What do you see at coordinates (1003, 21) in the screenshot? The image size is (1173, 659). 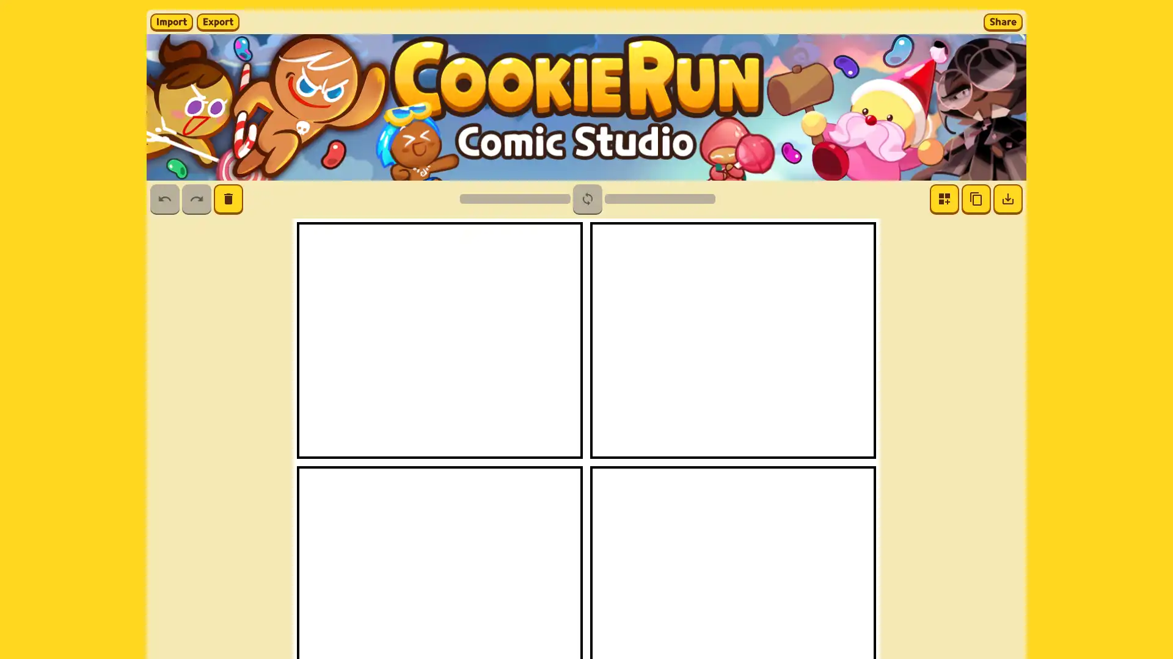 I see `Share` at bounding box center [1003, 21].